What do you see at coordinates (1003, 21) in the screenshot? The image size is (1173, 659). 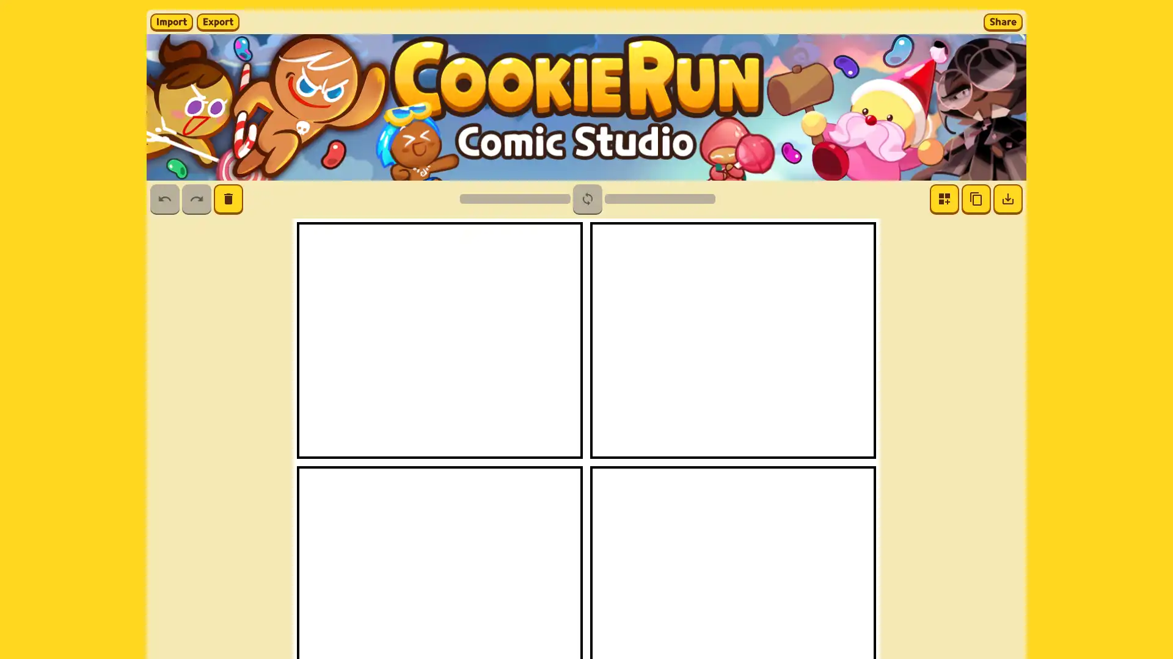 I see `Share` at bounding box center [1003, 21].